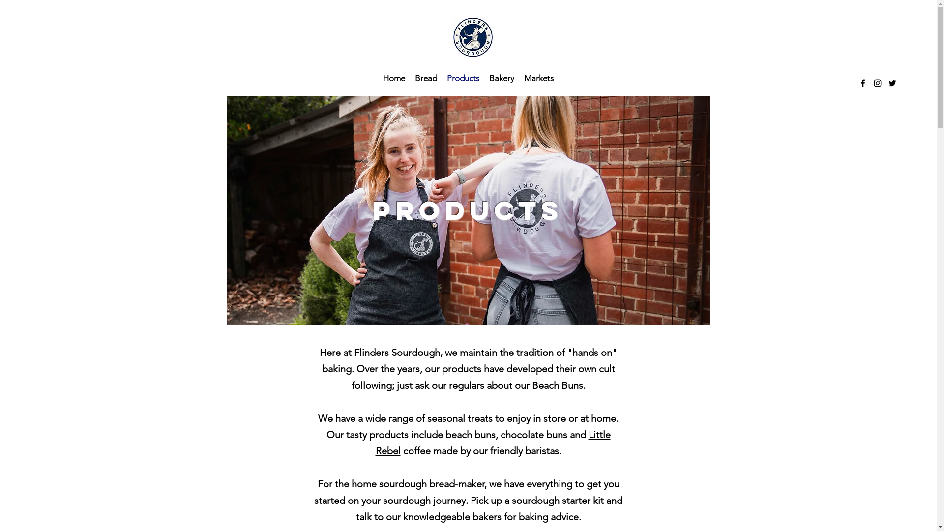  I want to click on 'Bread', so click(426, 77).